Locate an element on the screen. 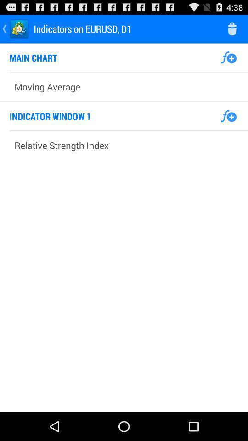 Image resolution: width=248 pixels, height=441 pixels. to add function is located at coordinates (228, 116).